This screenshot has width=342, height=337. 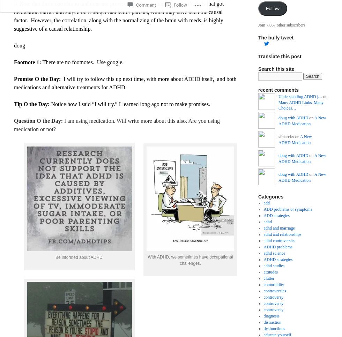 I want to click on 'attitudes', so click(x=270, y=271).